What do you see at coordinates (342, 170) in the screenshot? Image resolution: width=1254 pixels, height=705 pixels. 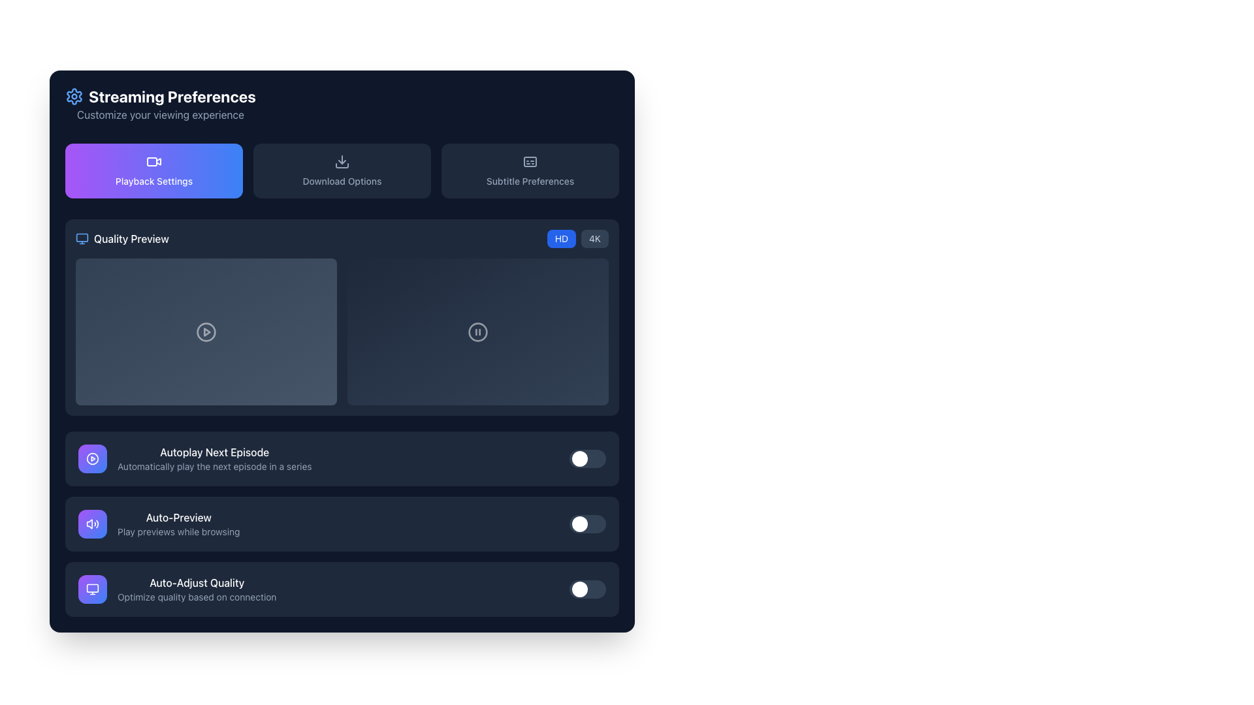 I see `the 'Download Options' button, which is the middle button among three horizontally aligned options in the 'Streaming Preferences' section` at bounding box center [342, 170].